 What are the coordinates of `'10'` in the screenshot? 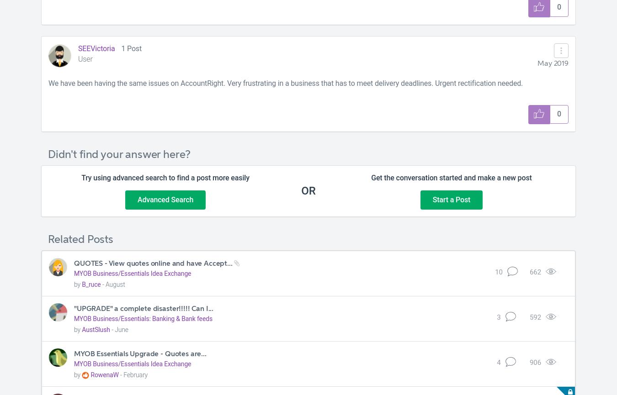 It's located at (498, 272).